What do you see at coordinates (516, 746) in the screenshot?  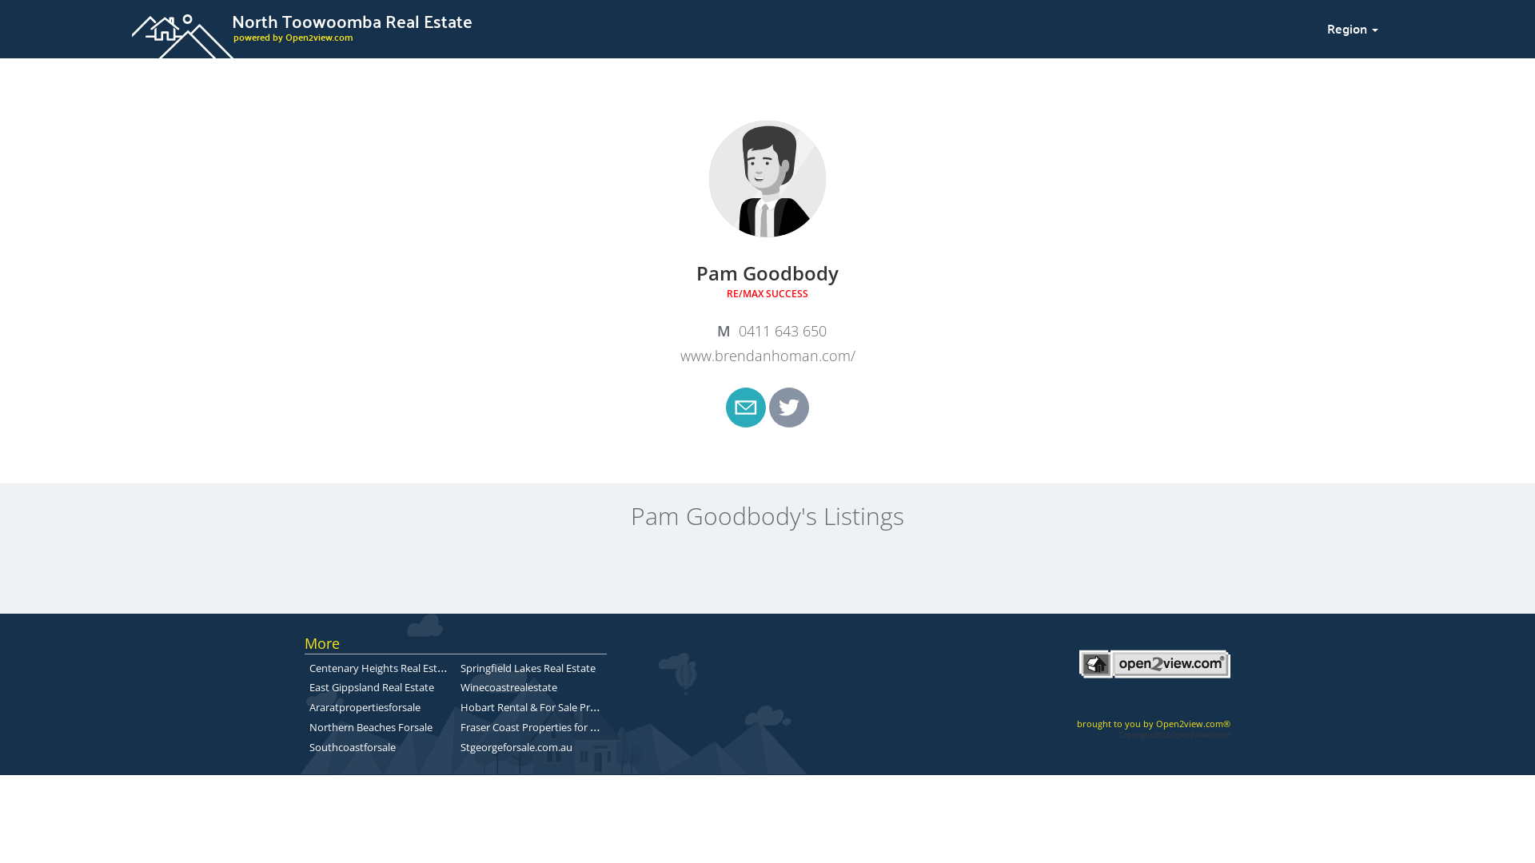 I see `'Stgeorgeforsale.com.au'` at bounding box center [516, 746].